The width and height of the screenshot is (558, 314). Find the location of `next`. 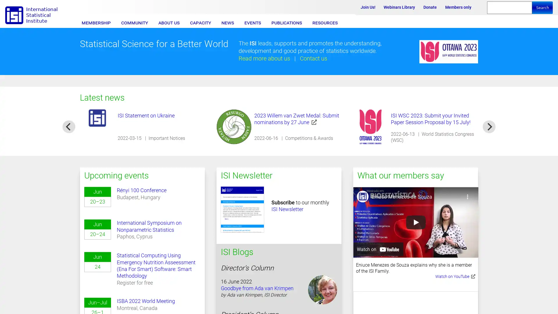

next is located at coordinates (489, 126).